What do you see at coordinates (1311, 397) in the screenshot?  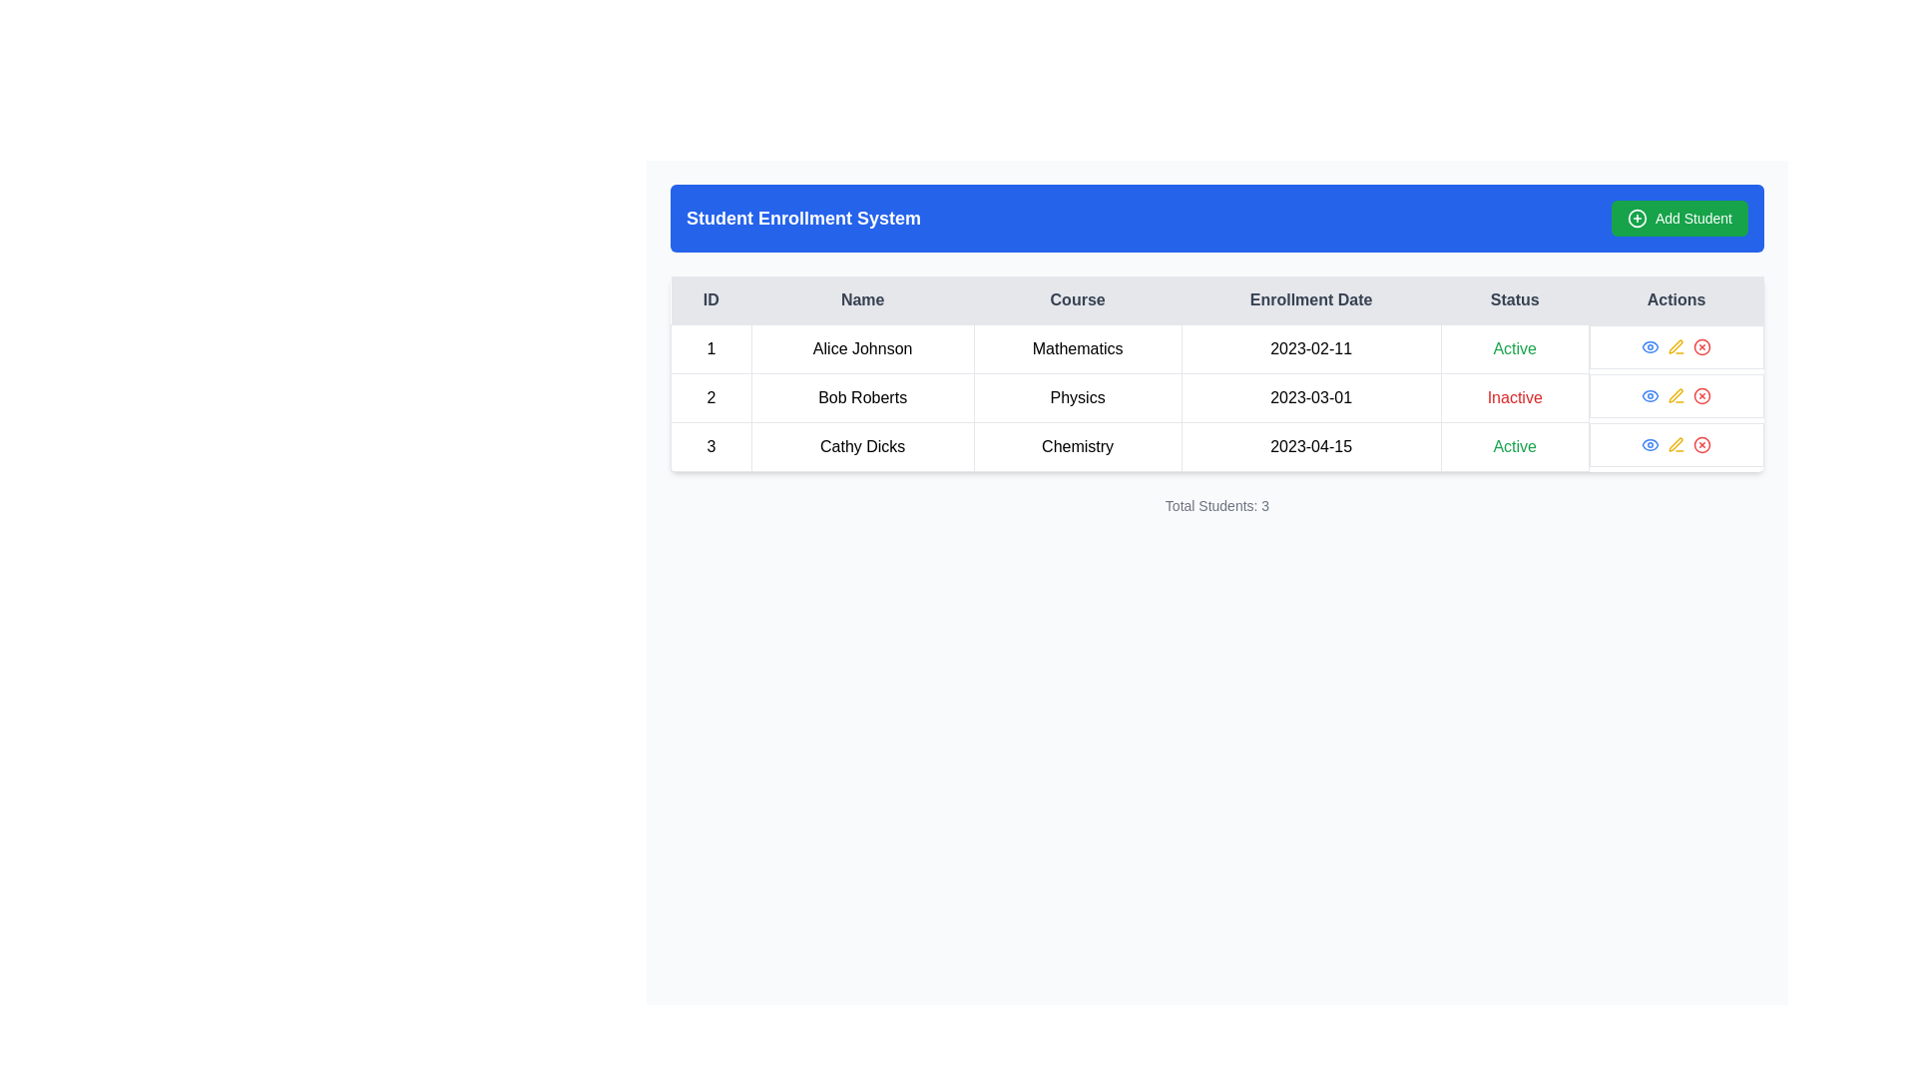 I see `the text label displaying the enrollment date for user 'Bob Roberts' in the second row of the data table, located in the fourth column` at bounding box center [1311, 397].